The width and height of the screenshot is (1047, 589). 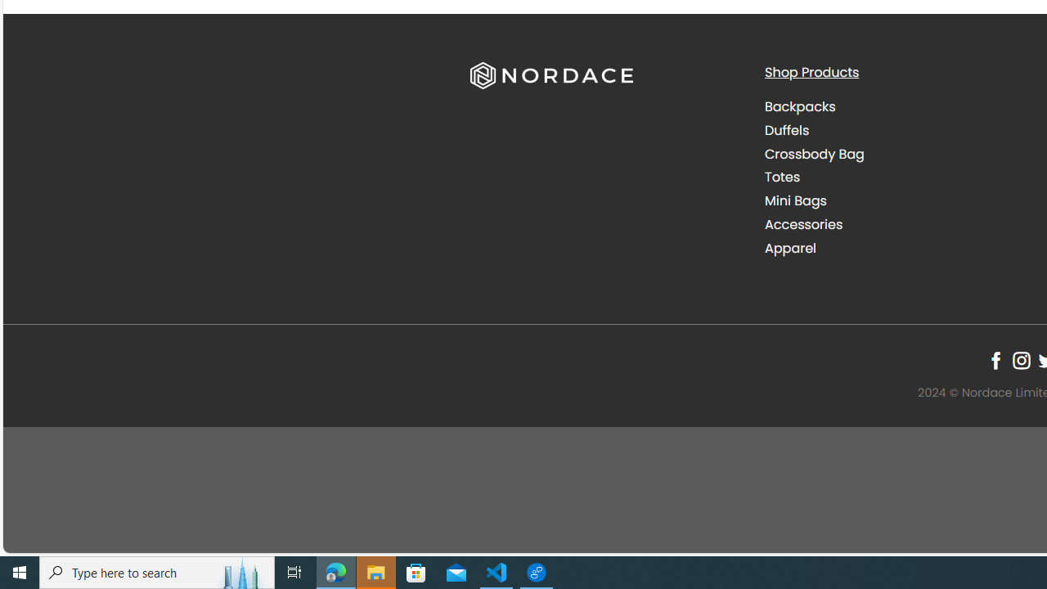 I want to click on 'Crossbody Bag', so click(x=898, y=154).